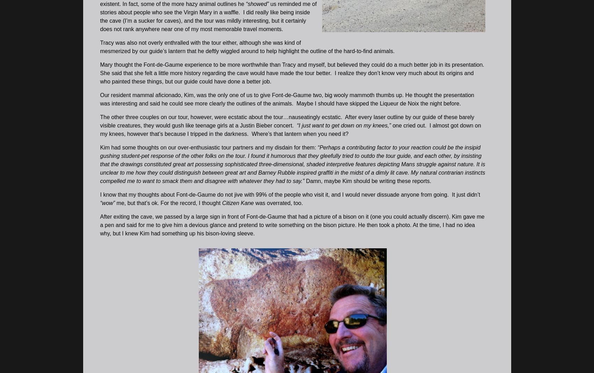 The width and height of the screenshot is (594, 373). I want to click on 'Tracy was also not overly enthralled with the tour either, although she was kind of mesmerized by our guide’s lantern that he deftly wiggled around to help highlight the outline of the hard-to-find animals.', so click(100, 46).